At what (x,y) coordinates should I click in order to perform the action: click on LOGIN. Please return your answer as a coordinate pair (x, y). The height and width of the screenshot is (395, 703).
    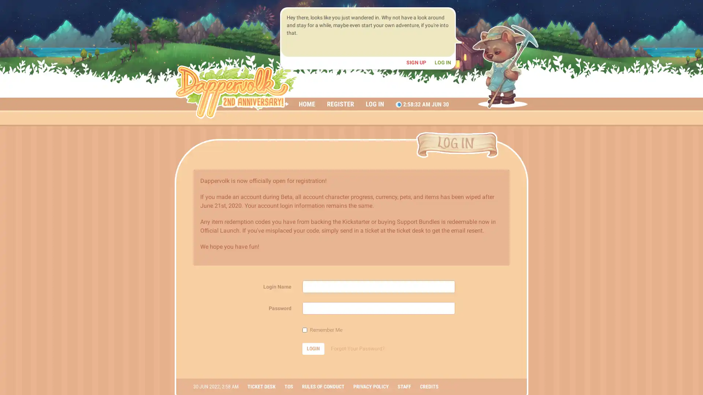
    Looking at the image, I should click on (313, 348).